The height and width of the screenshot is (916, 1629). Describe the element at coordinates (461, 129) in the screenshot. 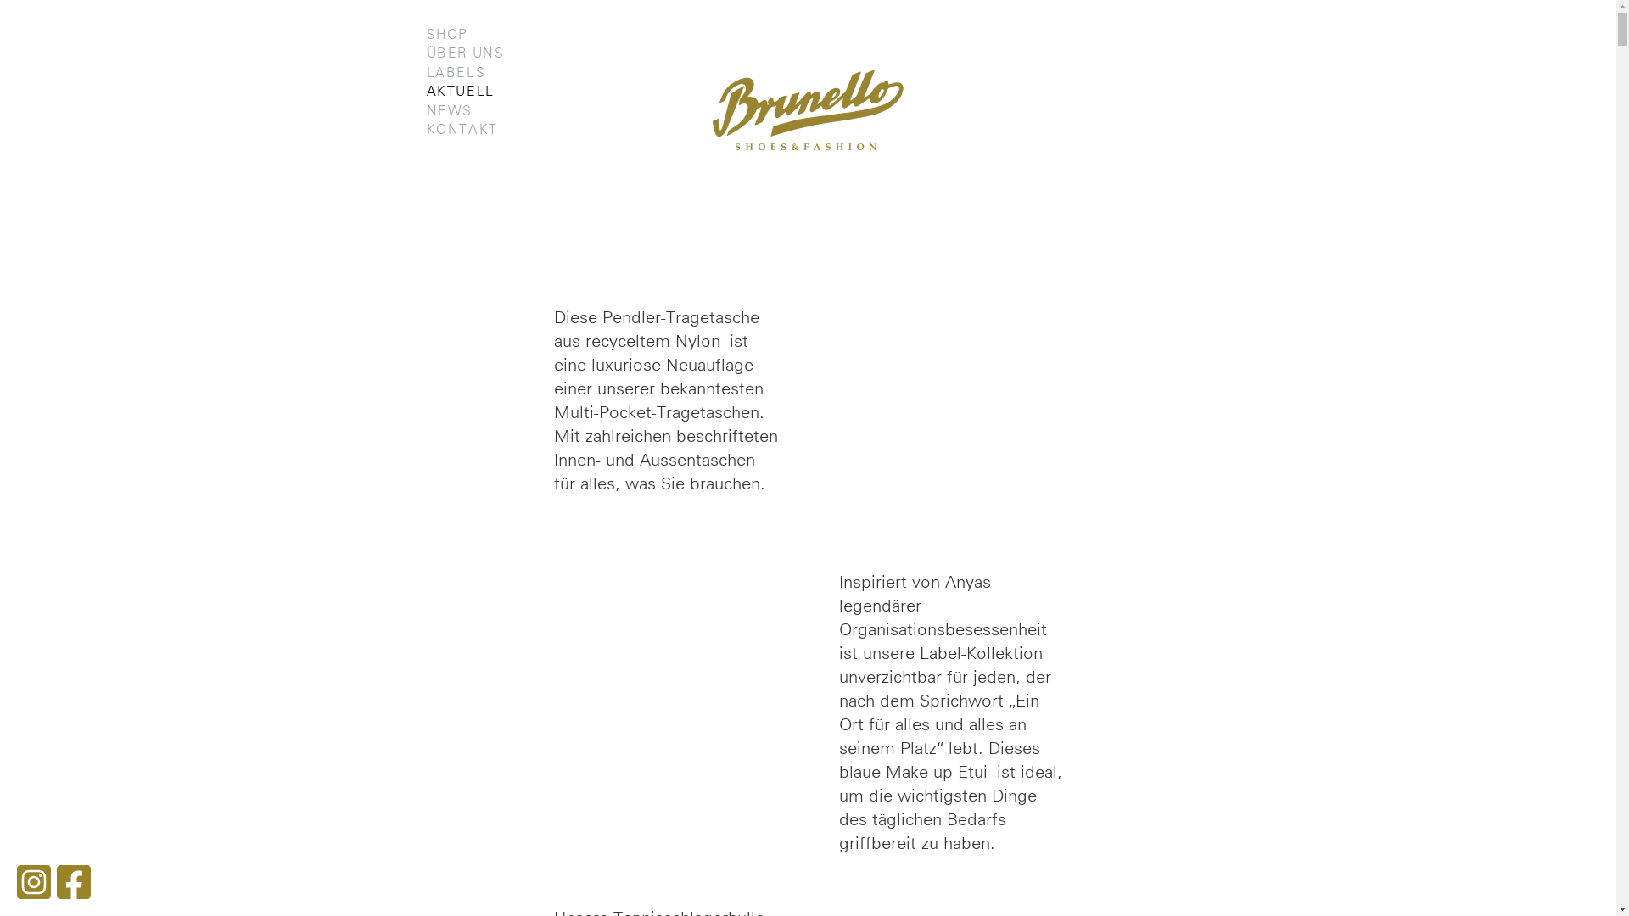

I see `'KONTAKT'` at that location.